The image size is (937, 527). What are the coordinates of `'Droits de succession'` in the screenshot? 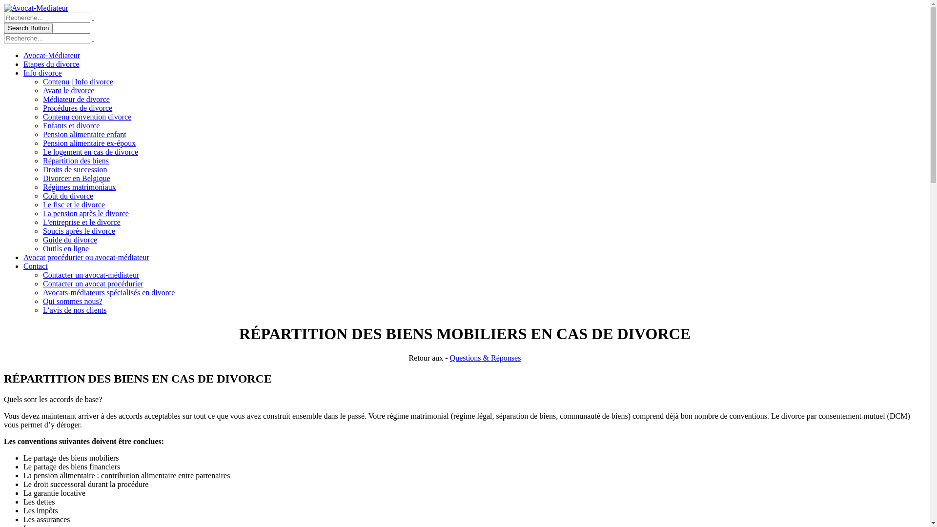 It's located at (74, 169).